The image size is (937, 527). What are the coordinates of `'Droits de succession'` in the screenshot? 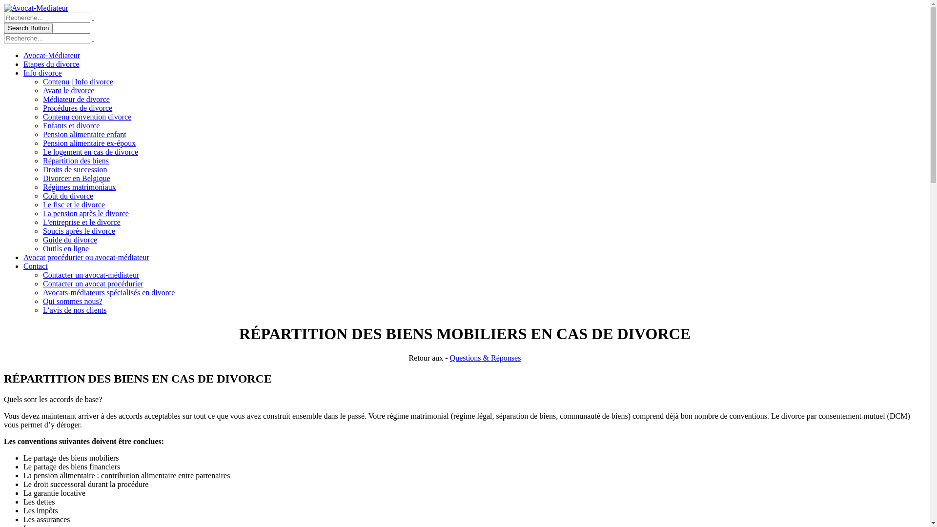 It's located at (74, 169).